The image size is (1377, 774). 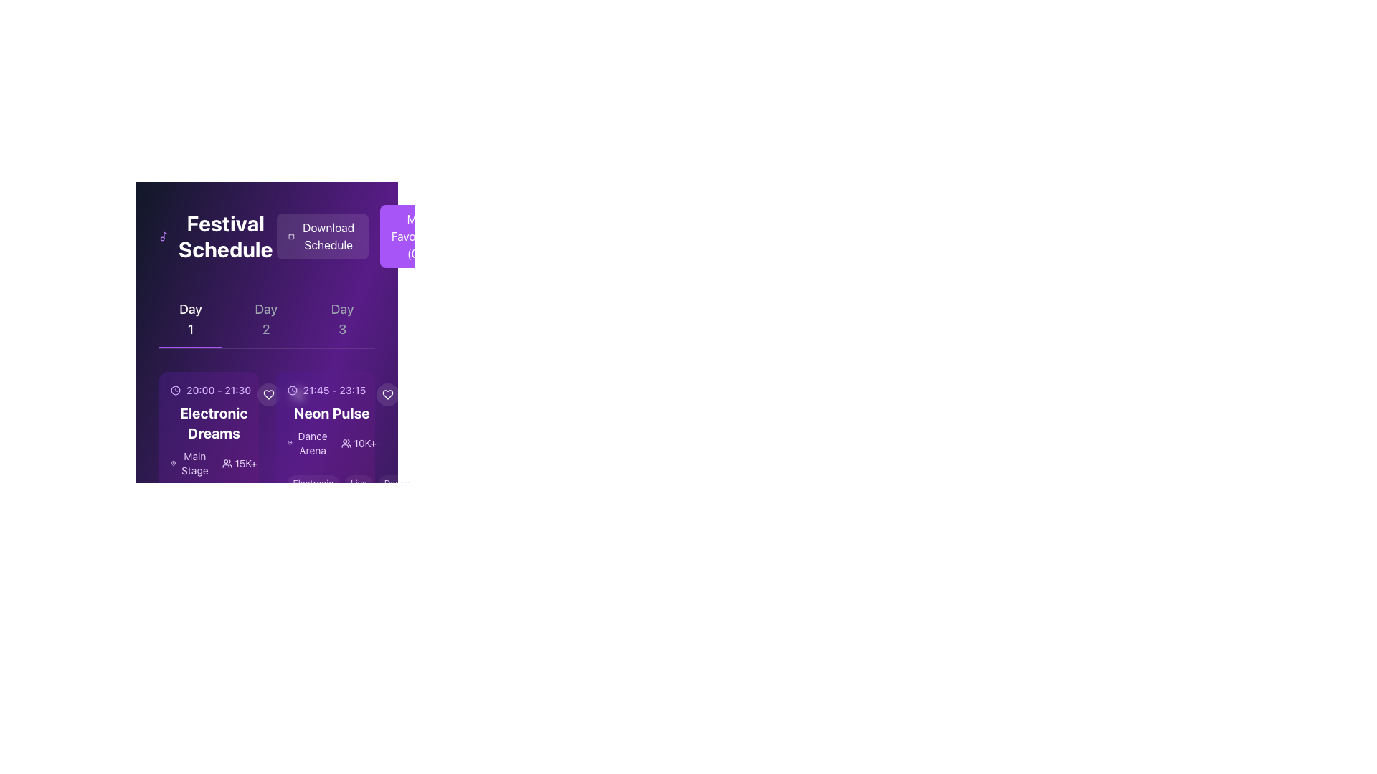 I want to click on the share button located to the right of the 'Neon Pulse' event listing, so click(x=415, y=395).